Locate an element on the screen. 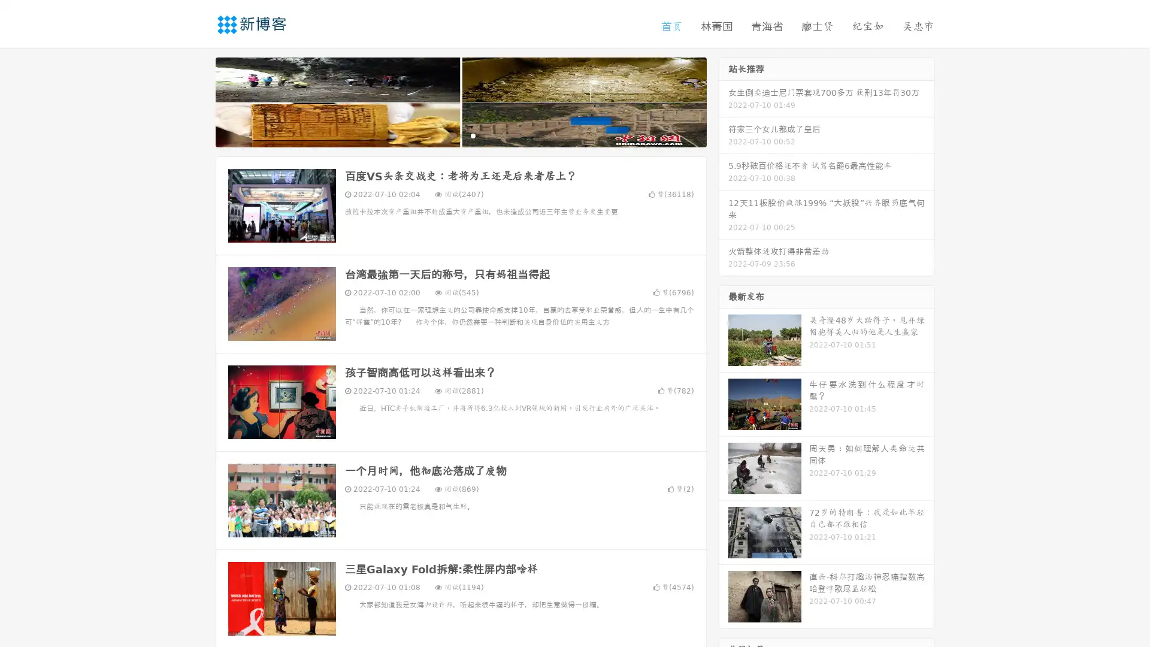  Go to slide 2 is located at coordinates (460, 135).